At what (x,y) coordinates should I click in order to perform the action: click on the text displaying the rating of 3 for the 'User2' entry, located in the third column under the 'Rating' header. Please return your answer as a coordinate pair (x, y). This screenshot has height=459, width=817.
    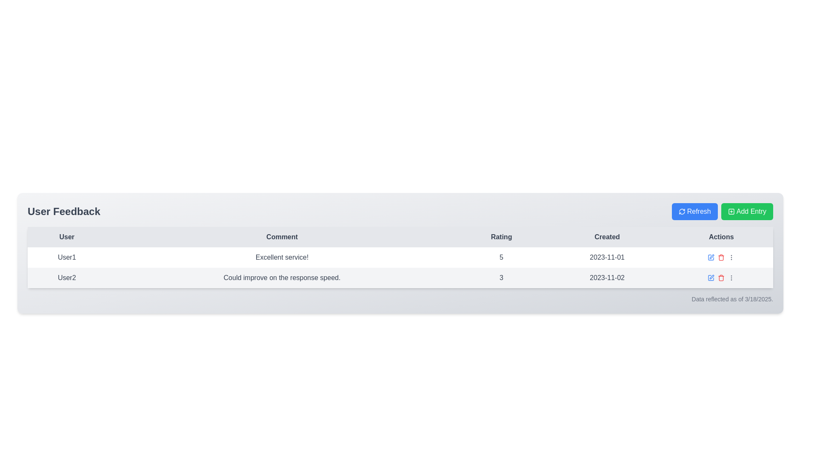
    Looking at the image, I should click on (501, 278).